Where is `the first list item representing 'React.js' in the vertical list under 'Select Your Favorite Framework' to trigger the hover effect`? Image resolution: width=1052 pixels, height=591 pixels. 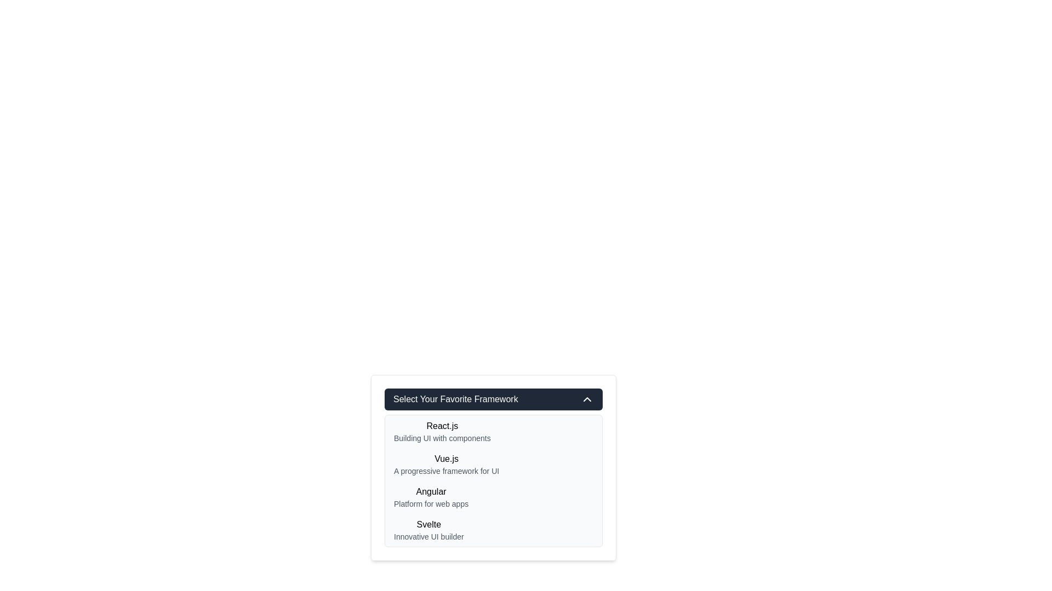
the first list item representing 'React.js' in the vertical list under 'Select Your Favorite Framework' to trigger the hover effect is located at coordinates (493, 431).